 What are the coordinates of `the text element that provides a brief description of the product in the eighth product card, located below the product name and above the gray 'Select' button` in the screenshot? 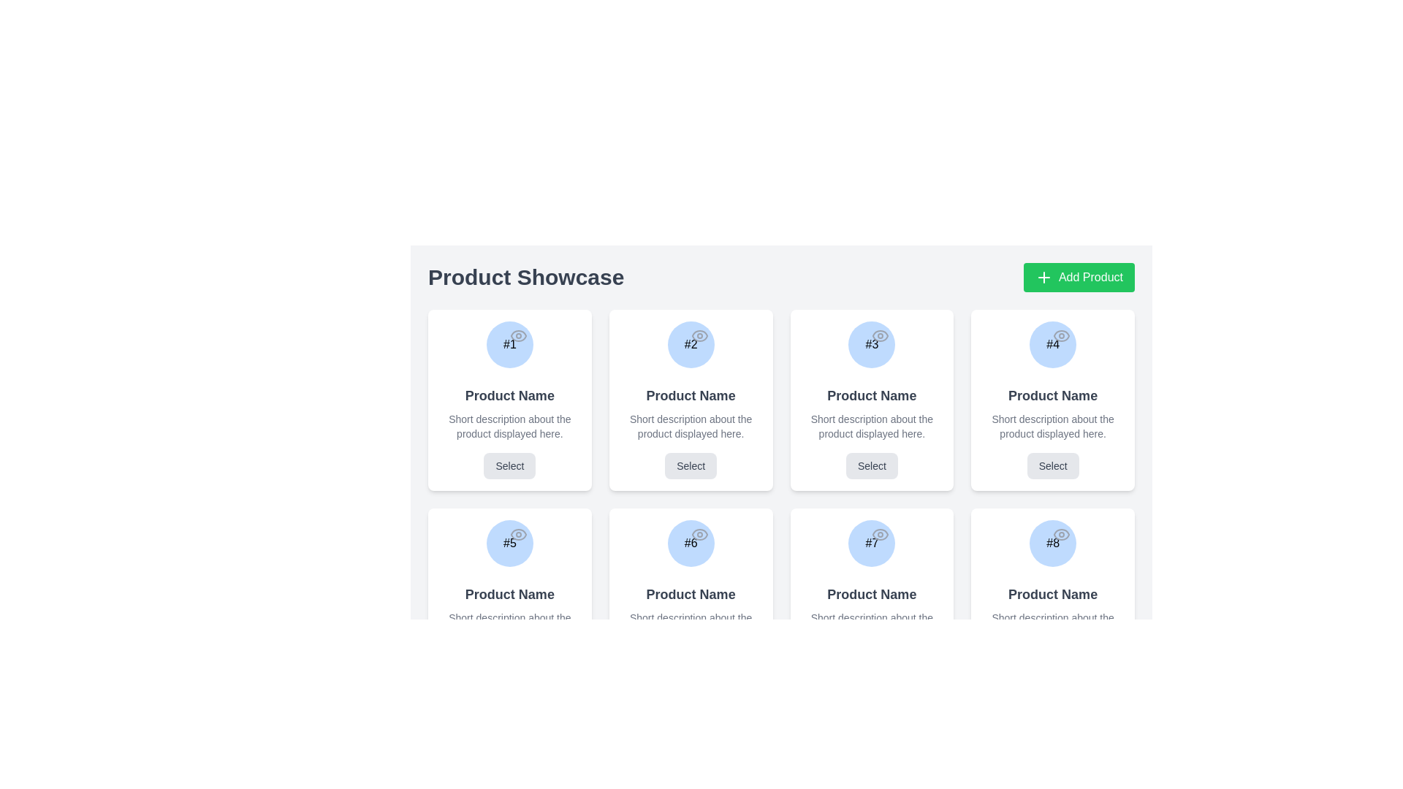 It's located at (1053, 625).